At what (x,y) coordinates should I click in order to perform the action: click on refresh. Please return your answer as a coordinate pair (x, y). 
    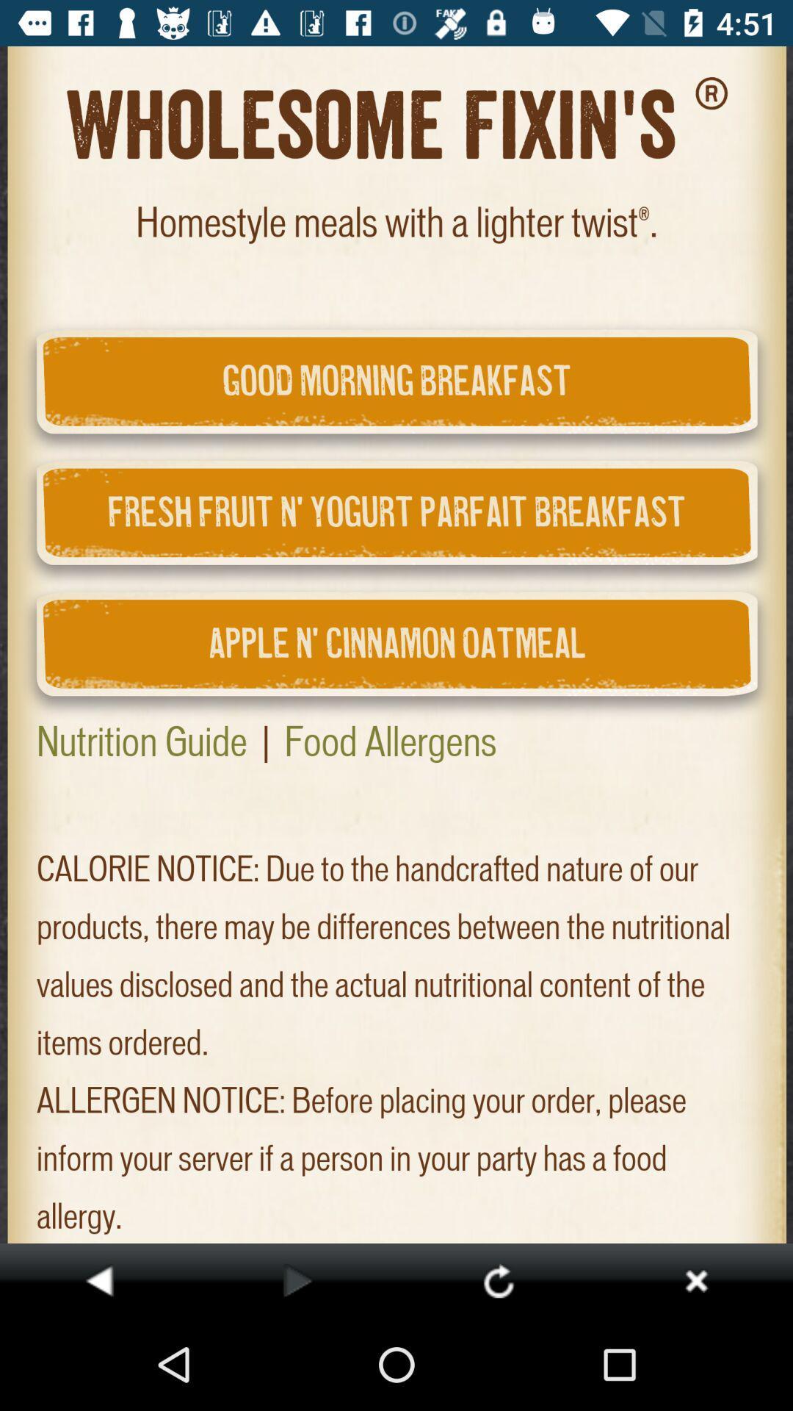
    Looking at the image, I should click on (498, 1279).